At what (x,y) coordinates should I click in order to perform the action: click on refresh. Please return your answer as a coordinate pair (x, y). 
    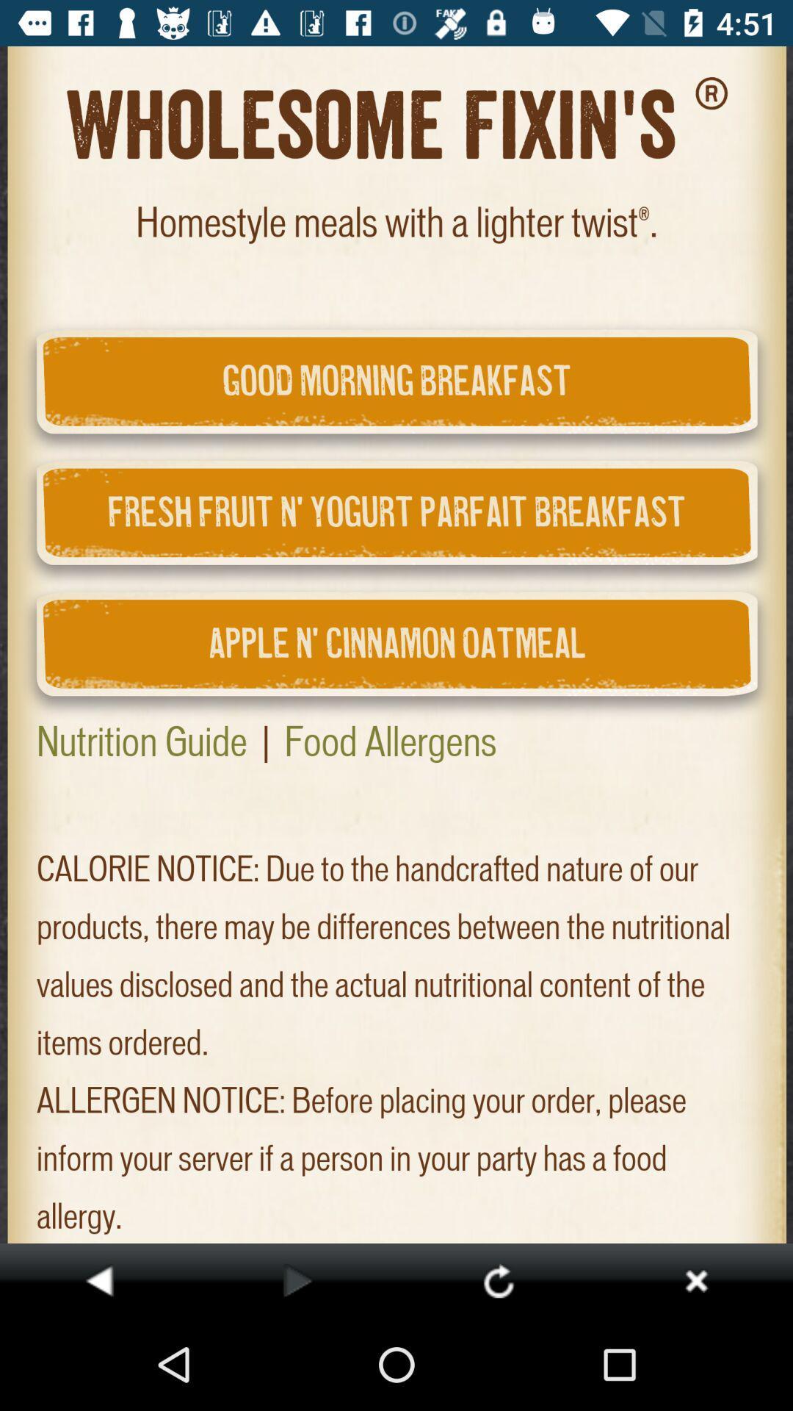
    Looking at the image, I should click on (498, 1279).